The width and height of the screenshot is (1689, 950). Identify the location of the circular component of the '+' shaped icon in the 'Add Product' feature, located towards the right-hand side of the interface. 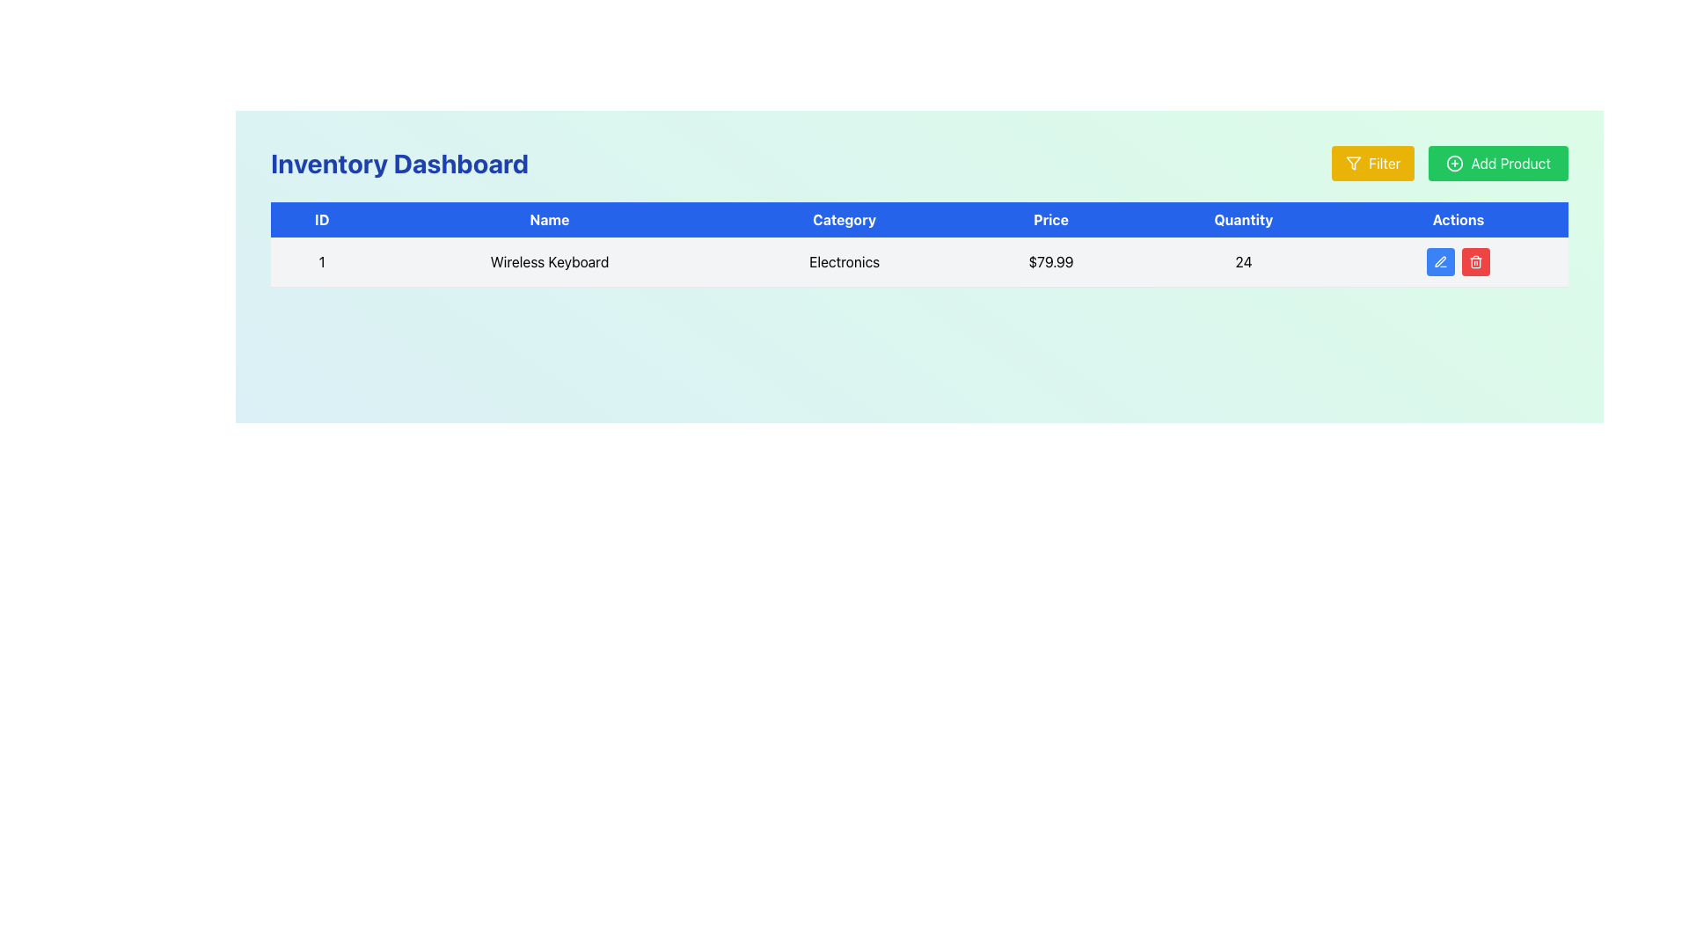
(1455, 163).